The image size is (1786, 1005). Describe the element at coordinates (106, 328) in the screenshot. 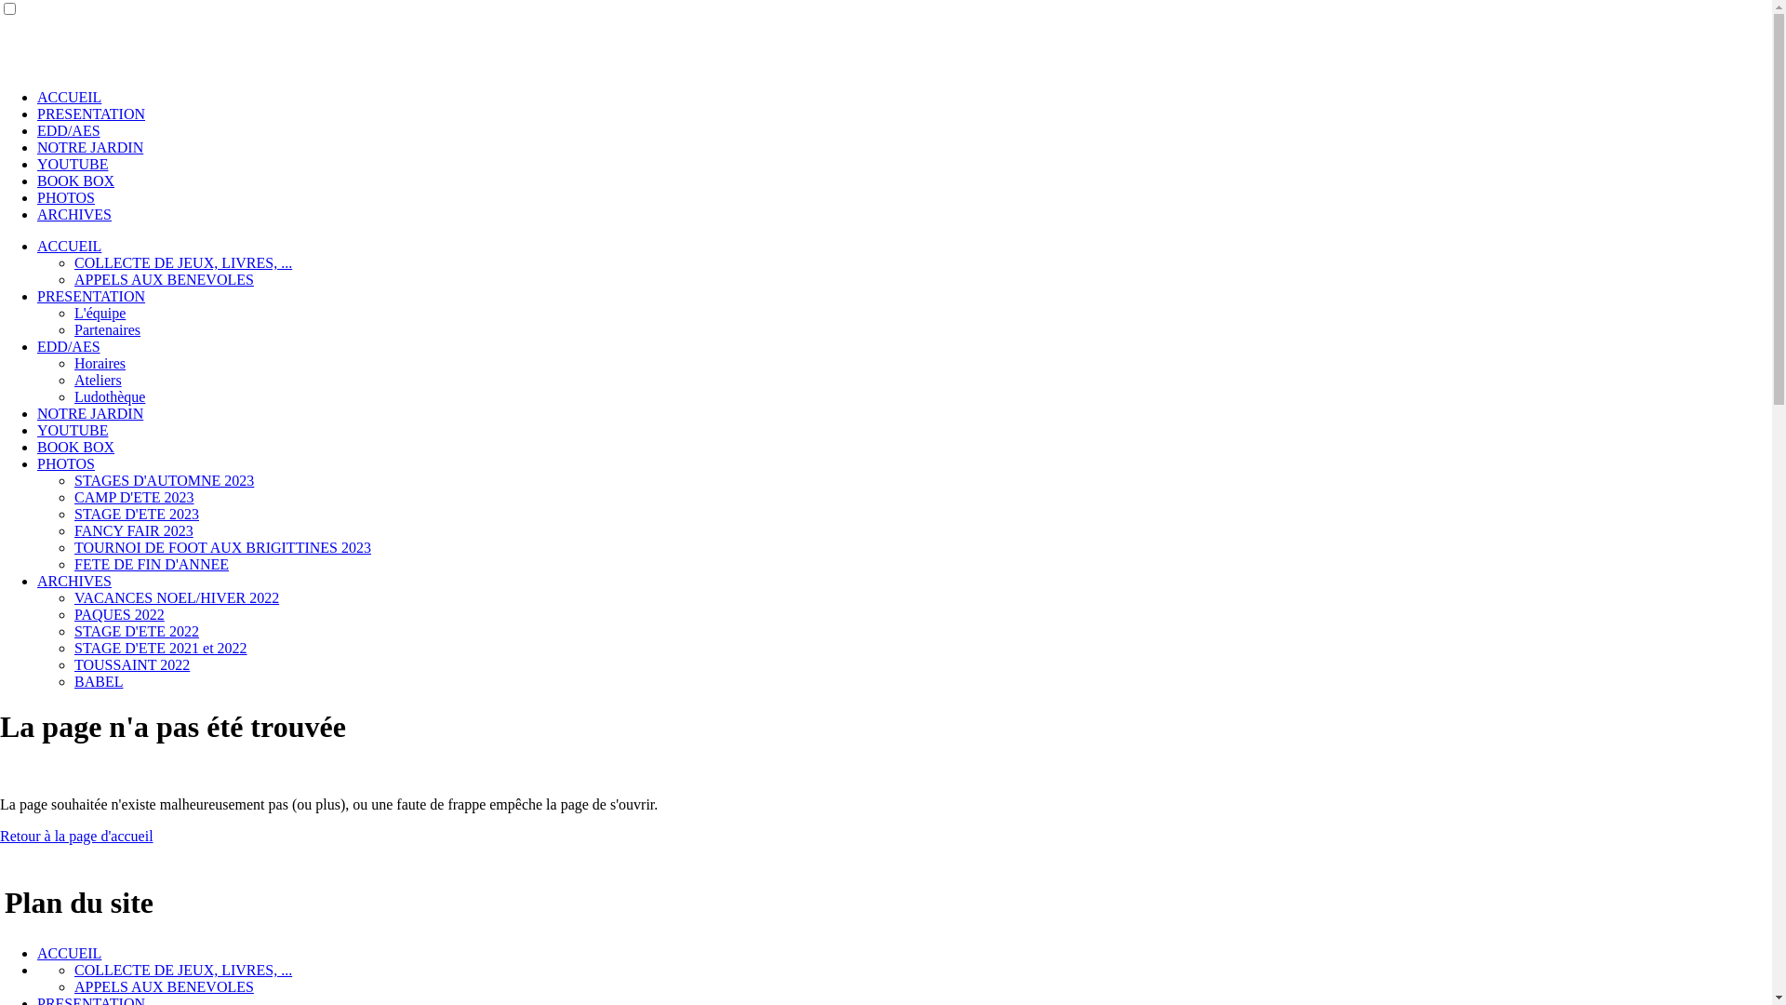

I see `'Partenaires'` at that location.